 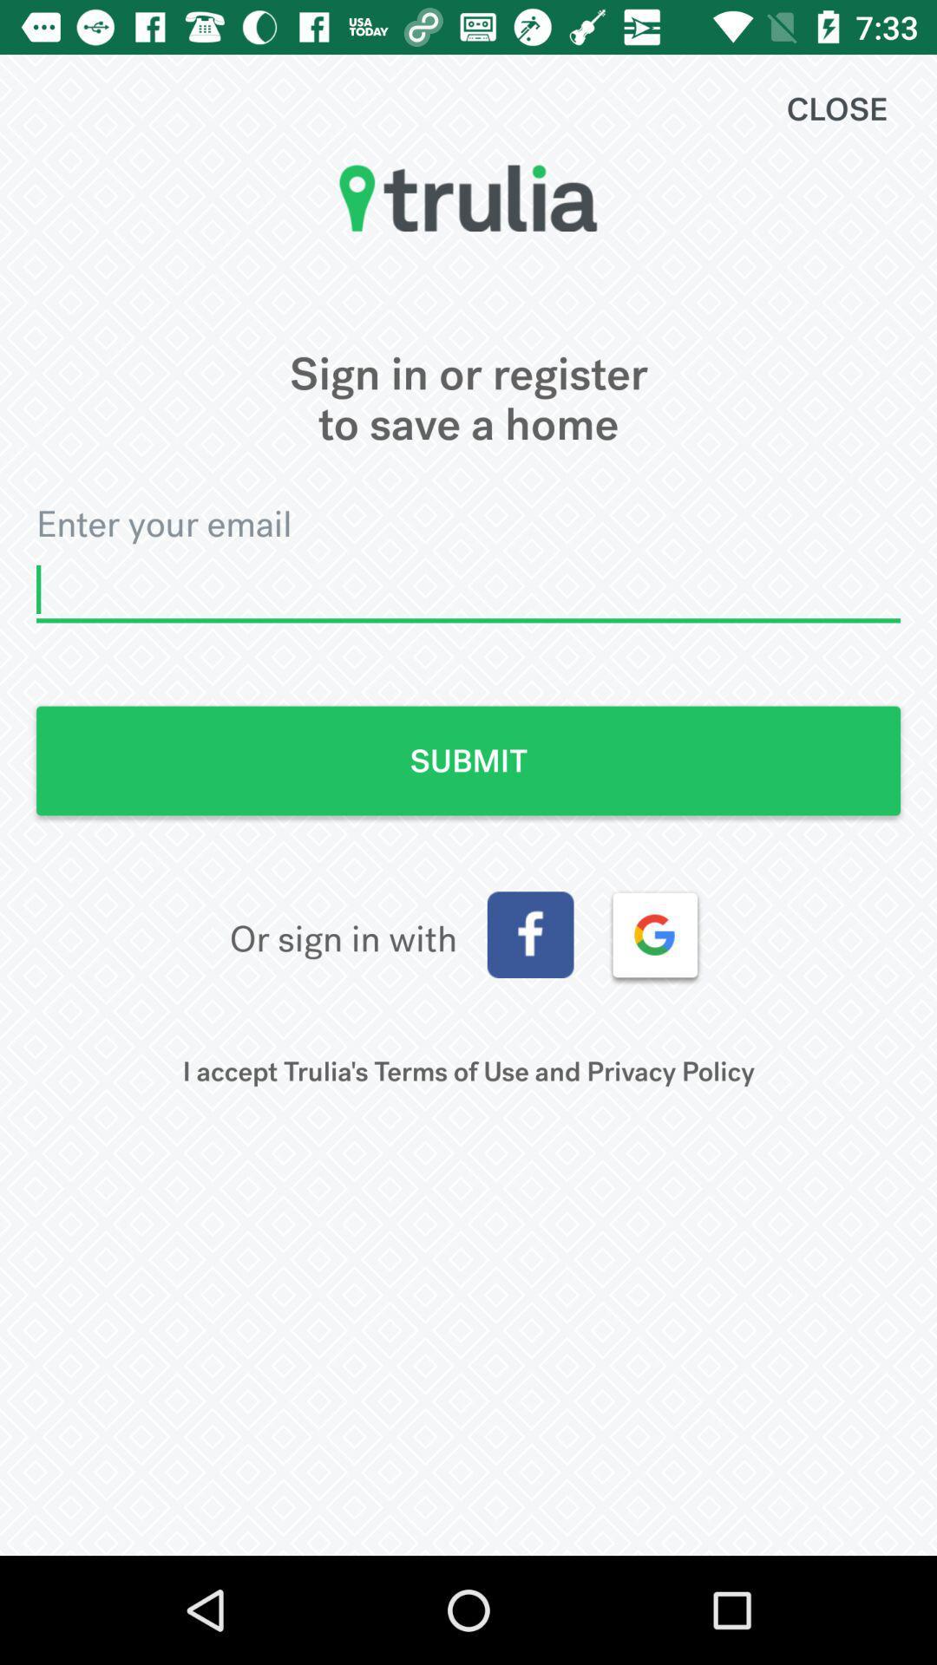 I want to click on enters email address, so click(x=468, y=591).